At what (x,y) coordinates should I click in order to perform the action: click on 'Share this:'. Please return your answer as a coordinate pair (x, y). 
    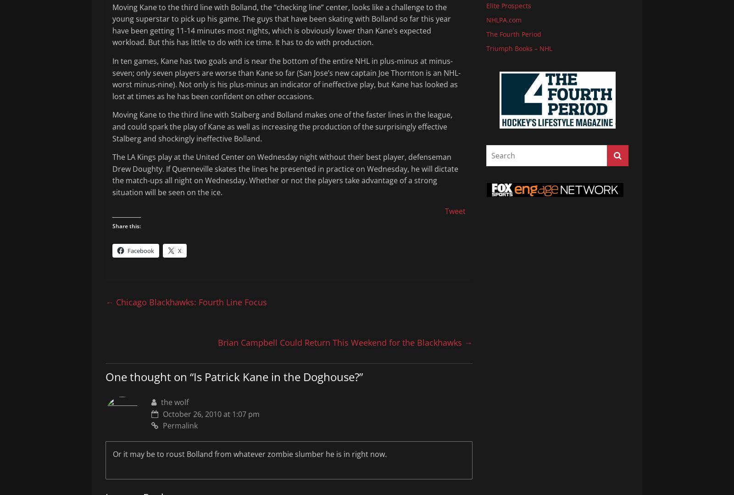
    Looking at the image, I should click on (127, 225).